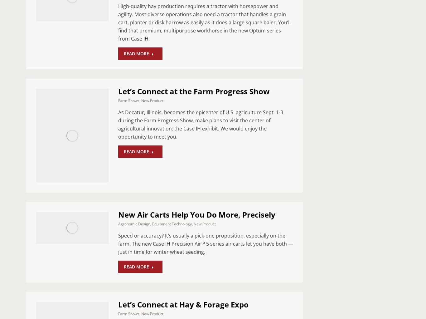  I want to click on 'High-quality hay production requires a tractor with horsepower and agility. Most diverse operations also need a tractor that handles a grain cart, planter or disk harrow as easily as it does a large square baler. You’ll find that premium, multipurpose workhorse in the new Optum series from Case IH.', so click(204, 22).